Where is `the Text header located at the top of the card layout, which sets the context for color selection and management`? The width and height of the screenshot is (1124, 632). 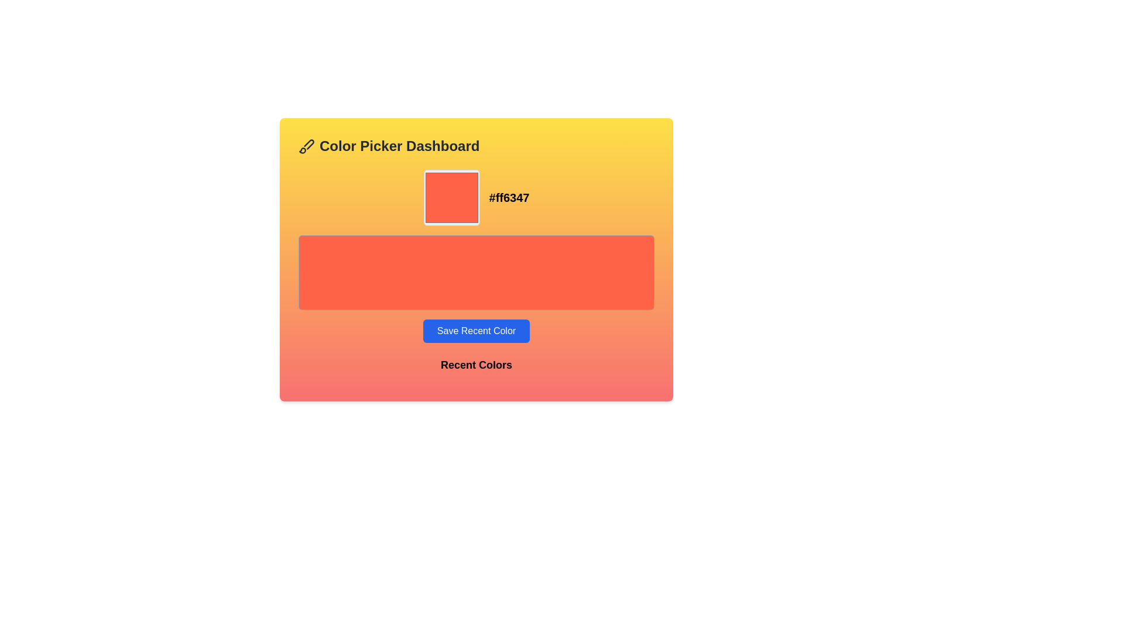
the Text header located at the top of the card layout, which sets the context for color selection and management is located at coordinates (477, 146).